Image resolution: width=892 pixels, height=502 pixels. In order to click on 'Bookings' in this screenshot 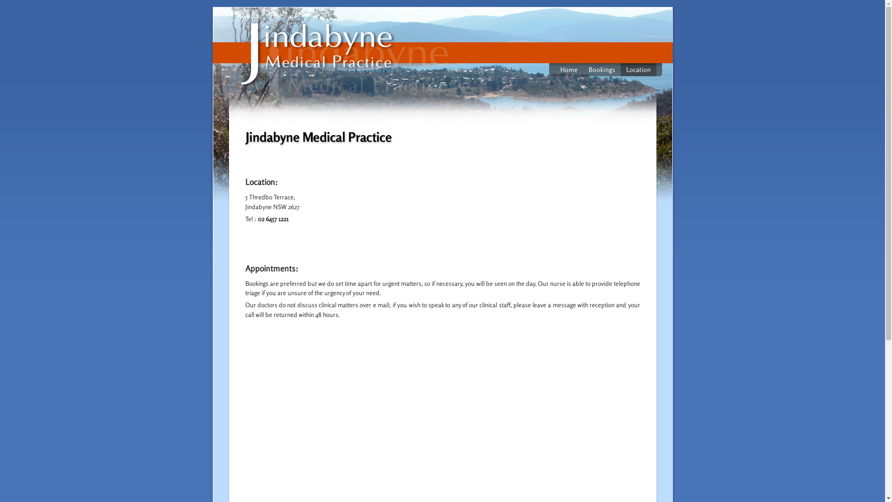, I will do `click(601, 69)`.